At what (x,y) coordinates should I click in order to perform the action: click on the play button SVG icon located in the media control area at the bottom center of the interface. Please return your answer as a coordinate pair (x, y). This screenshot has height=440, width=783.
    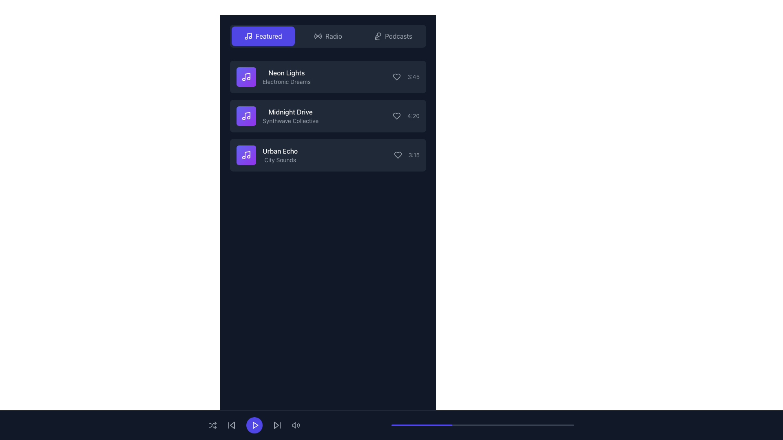
    Looking at the image, I should click on (254, 425).